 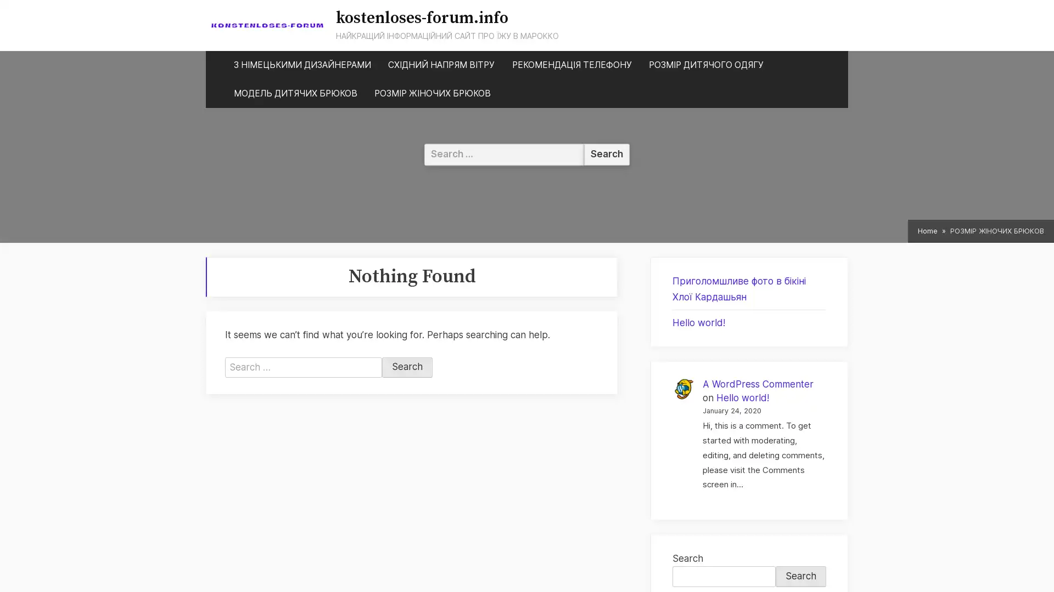 What do you see at coordinates (801, 576) in the screenshot?
I see `Search` at bounding box center [801, 576].